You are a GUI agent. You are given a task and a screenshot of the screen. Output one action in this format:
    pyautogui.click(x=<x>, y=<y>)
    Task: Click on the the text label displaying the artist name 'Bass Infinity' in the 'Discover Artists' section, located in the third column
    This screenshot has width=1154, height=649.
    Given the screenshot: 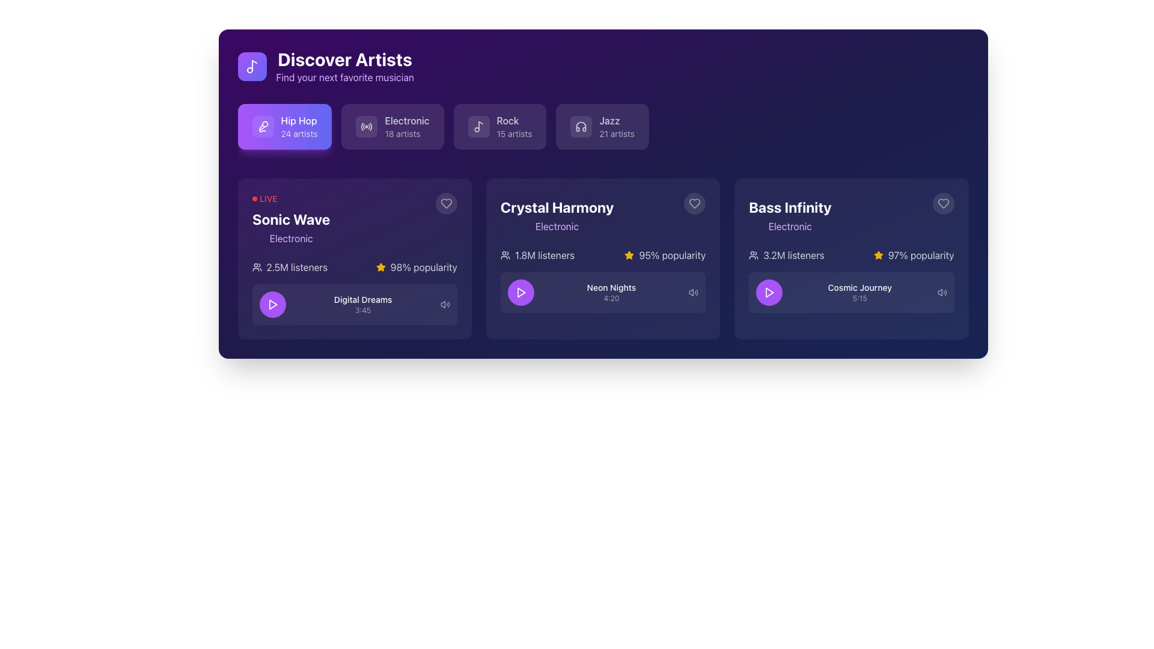 What is the action you would take?
    pyautogui.click(x=790, y=206)
    